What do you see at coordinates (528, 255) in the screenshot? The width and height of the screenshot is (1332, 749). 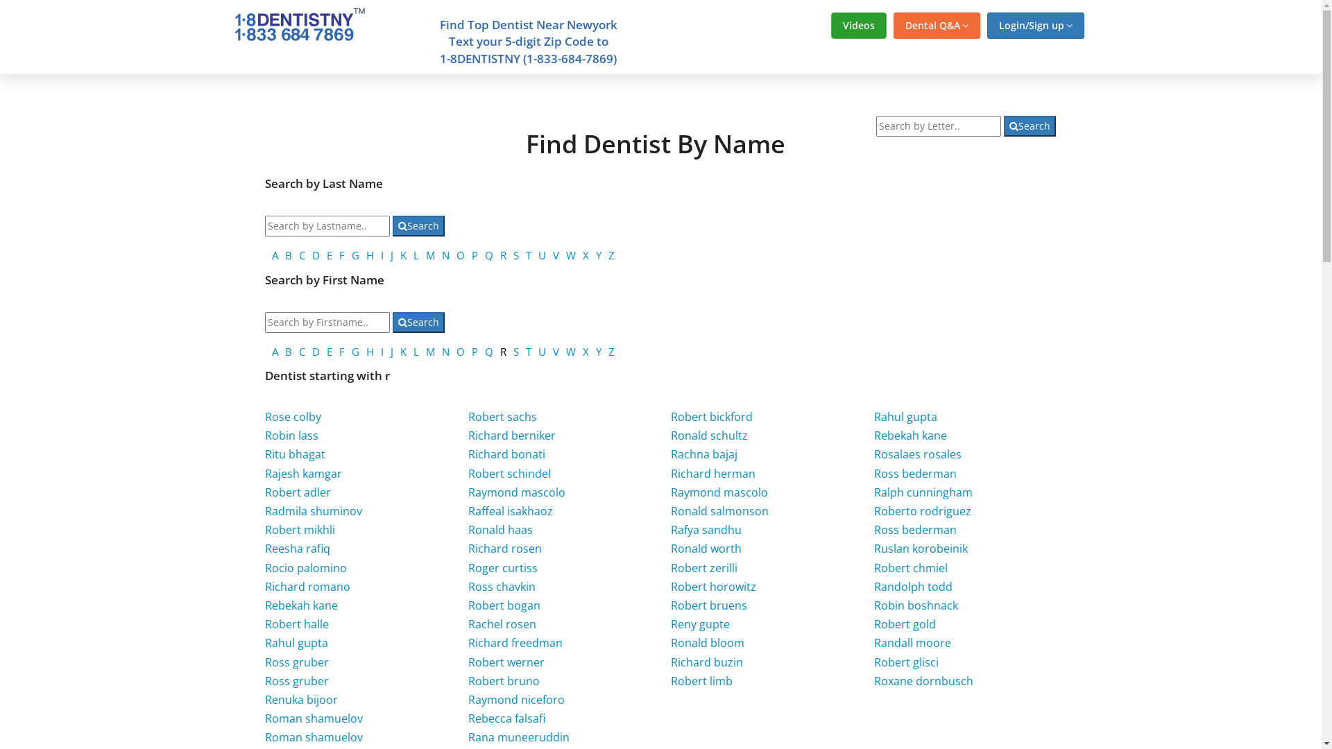 I see `'T'` at bounding box center [528, 255].